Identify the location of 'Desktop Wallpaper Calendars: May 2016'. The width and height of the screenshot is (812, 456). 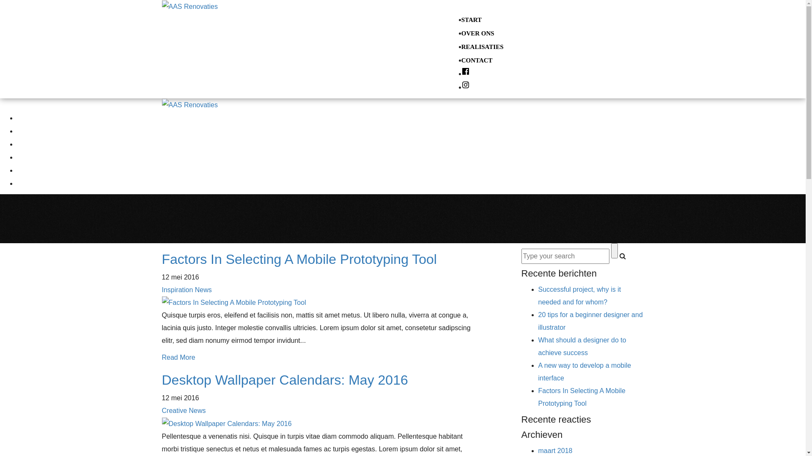
(284, 379).